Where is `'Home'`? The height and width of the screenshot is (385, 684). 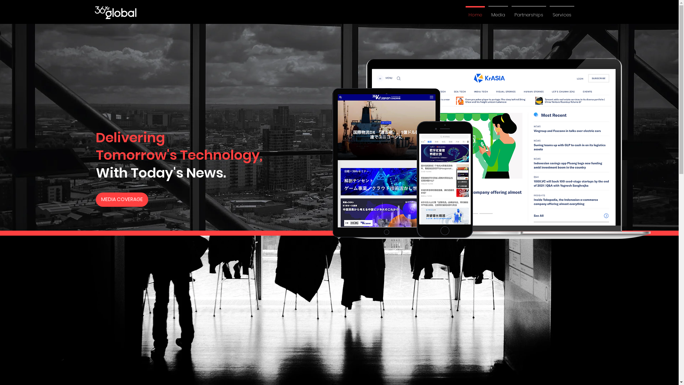
'Home' is located at coordinates (475, 12).